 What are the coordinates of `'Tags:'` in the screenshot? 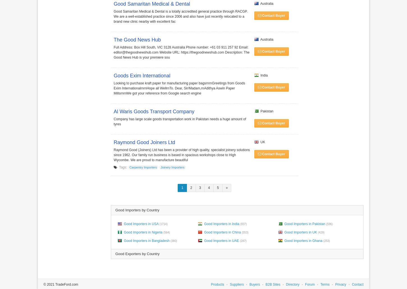 It's located at (123, 167).